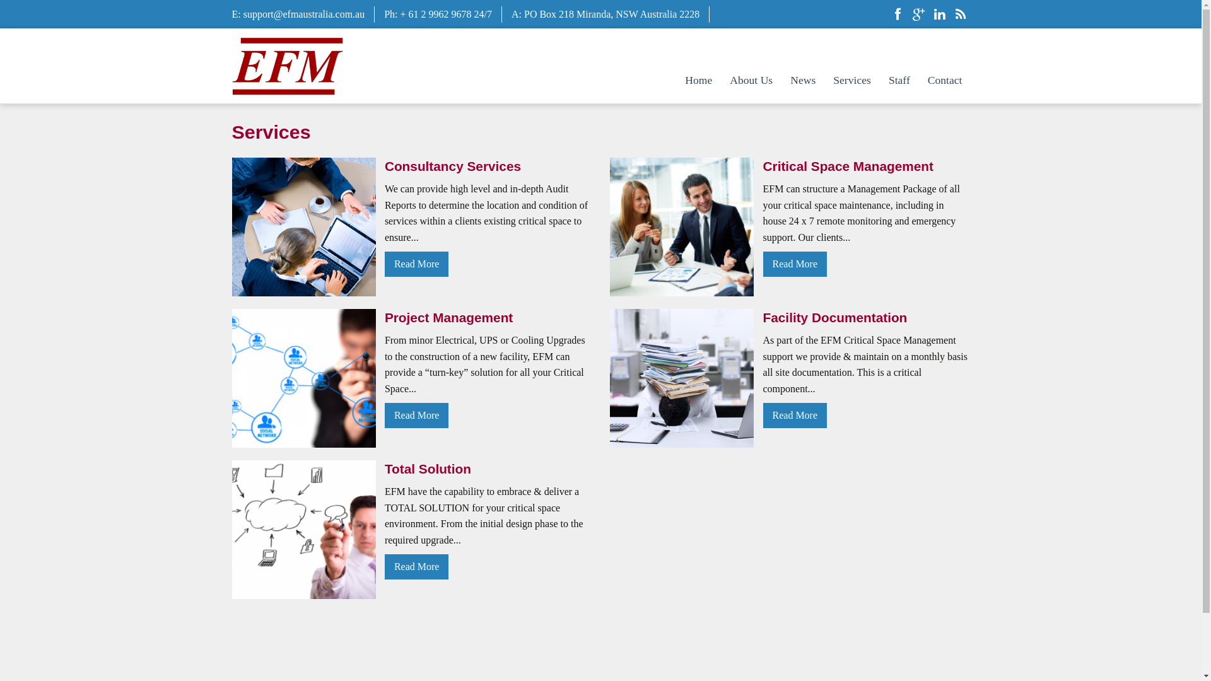 The width and height of the screenshot is (1211, 681). I want to click on 'Home', so click(698, 80).